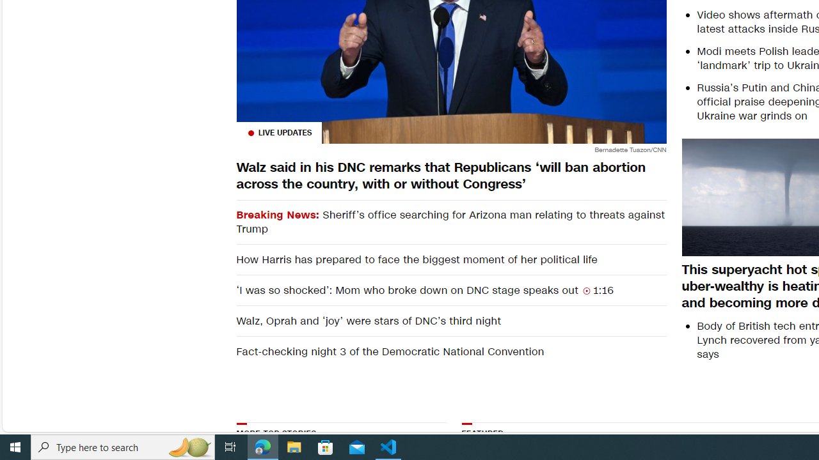 The height and width of the screenshot is (460, 819). Describe the element at coordinates (451, 351) in the screenshot. I see `'Fact-checking night 3 of the Democratic National Convention'` at that location.